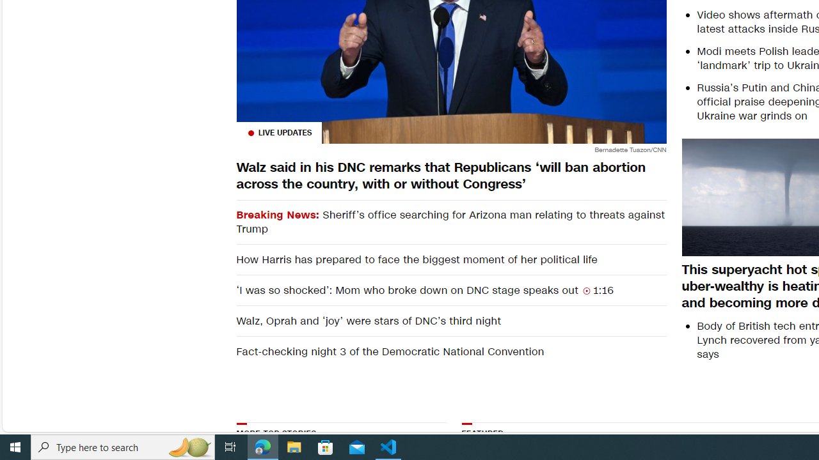 The height and width of the screenshot is (460, 819). Describe the element at coordinates (451, 351) in the screenshot. I see `'Fact-checking night 3 of the Democratic National Convention'` at that location.